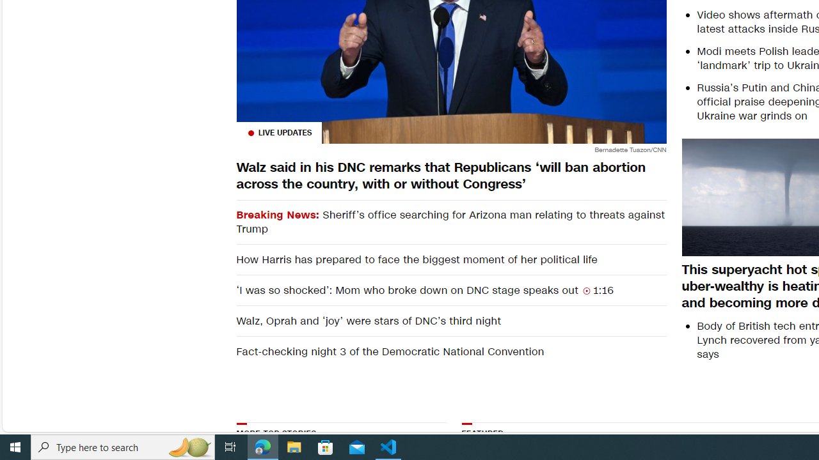 The height and width of the screenshot is (460, 819). Describe the element at coordinates (451, 351) in the screenshot. I see `'Fact-checking night 3 of the Democratic National Convention'` at that location.